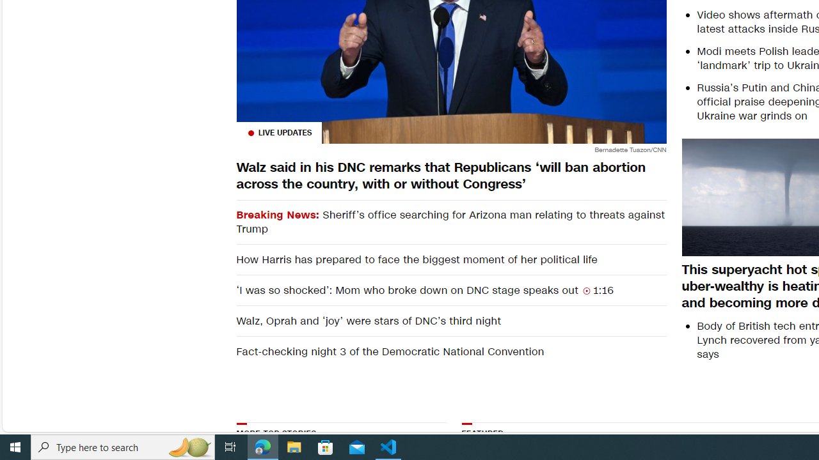 The height and width of the screenshot is (460, 819). Describe the element at coordinates (451, 351) in the screenshot. I see `'Fact-checking night 3 of the Democratic National Convention'` at that location.